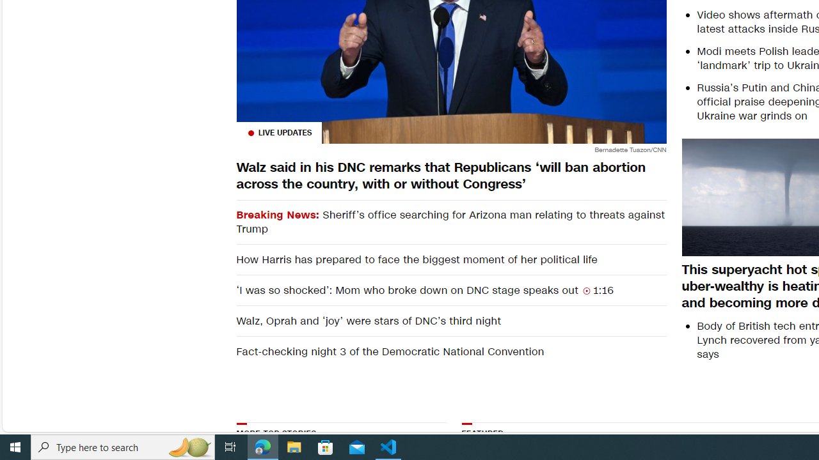 The height and width of the screenshot is (460, 819). Describe the element at coordinates (451, 351) in the screenshot. I see `'Fact-checking night 3 of the Democratic National Convention'` at that location.